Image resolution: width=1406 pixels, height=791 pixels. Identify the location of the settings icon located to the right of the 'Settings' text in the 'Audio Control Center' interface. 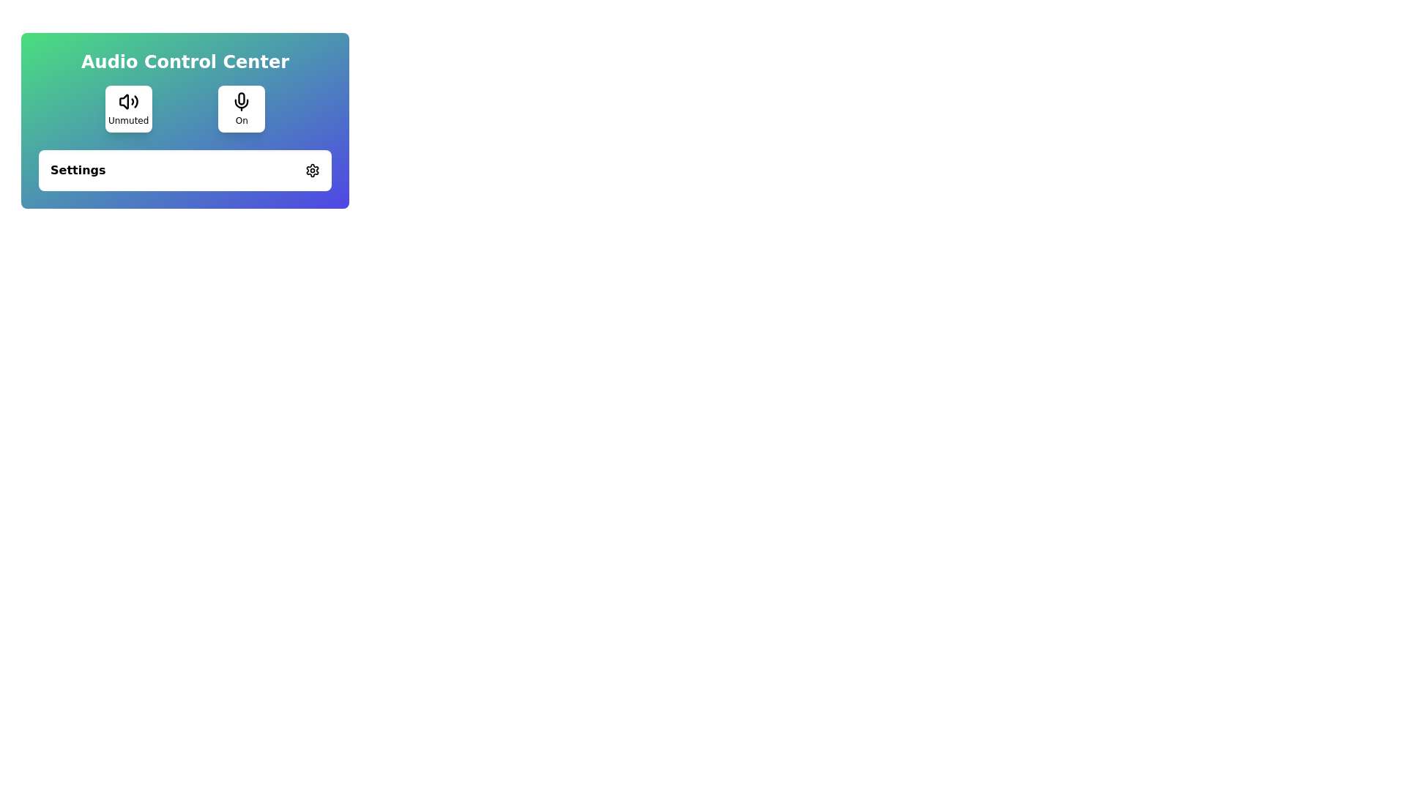
(312, 169).